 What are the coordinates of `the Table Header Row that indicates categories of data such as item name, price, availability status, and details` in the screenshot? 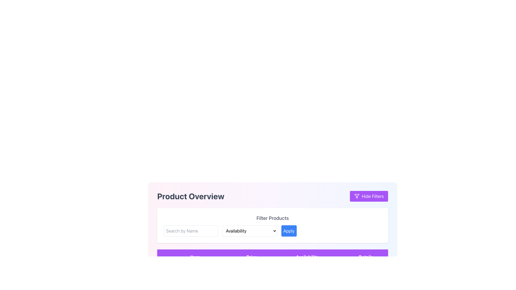 It's located at (273, 256).